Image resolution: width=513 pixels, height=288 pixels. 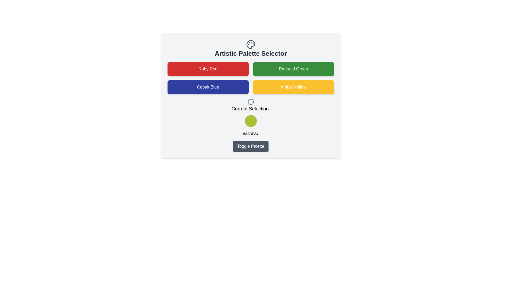 What do you see at coordinates (293, 87) in the screenshot?
I see `the button in the bottom-right corner of the grid` at bounding box center [293, 87].